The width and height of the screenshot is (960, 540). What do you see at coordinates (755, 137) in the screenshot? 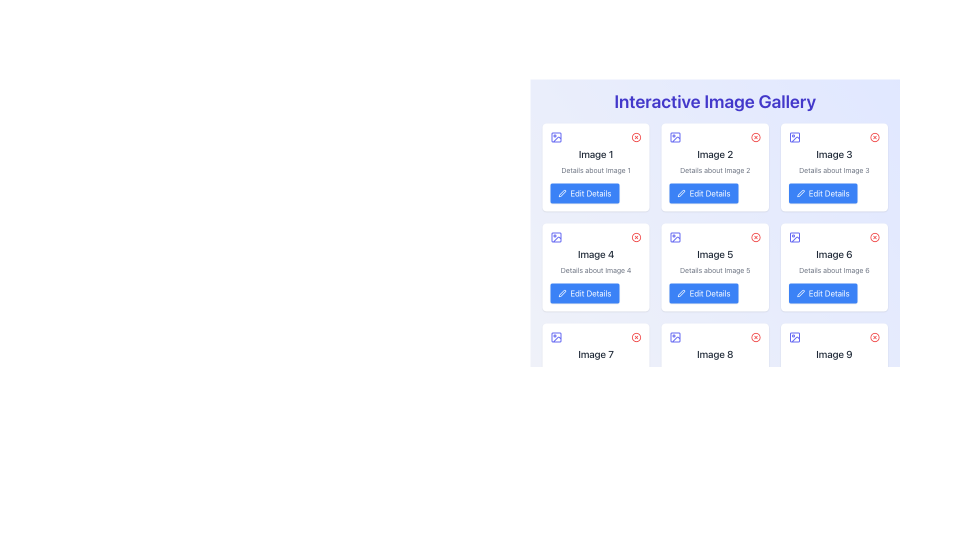
I see `the circular delete button with a red border and inner 'X' symbol located at the top-right corner of the second image card` at bounding box center [755, 137].